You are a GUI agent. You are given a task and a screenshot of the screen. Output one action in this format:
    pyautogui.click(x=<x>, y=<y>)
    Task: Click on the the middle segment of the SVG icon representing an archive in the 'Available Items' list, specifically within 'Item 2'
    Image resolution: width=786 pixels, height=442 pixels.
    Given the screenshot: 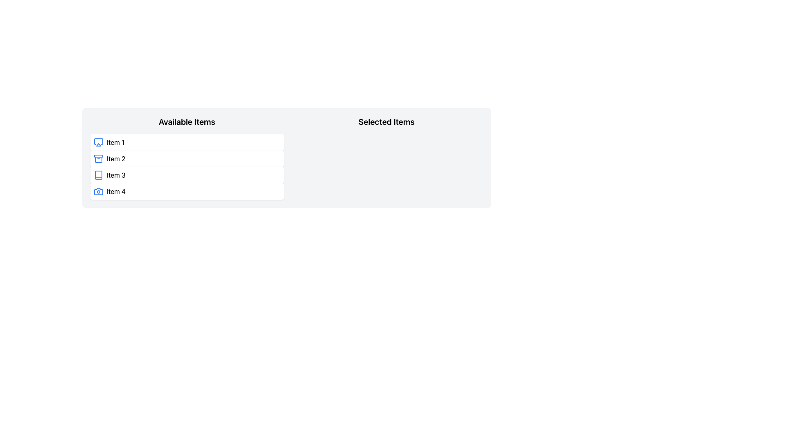 What is the action you would take?
    pyautogui.click(x=98, y=160)
    